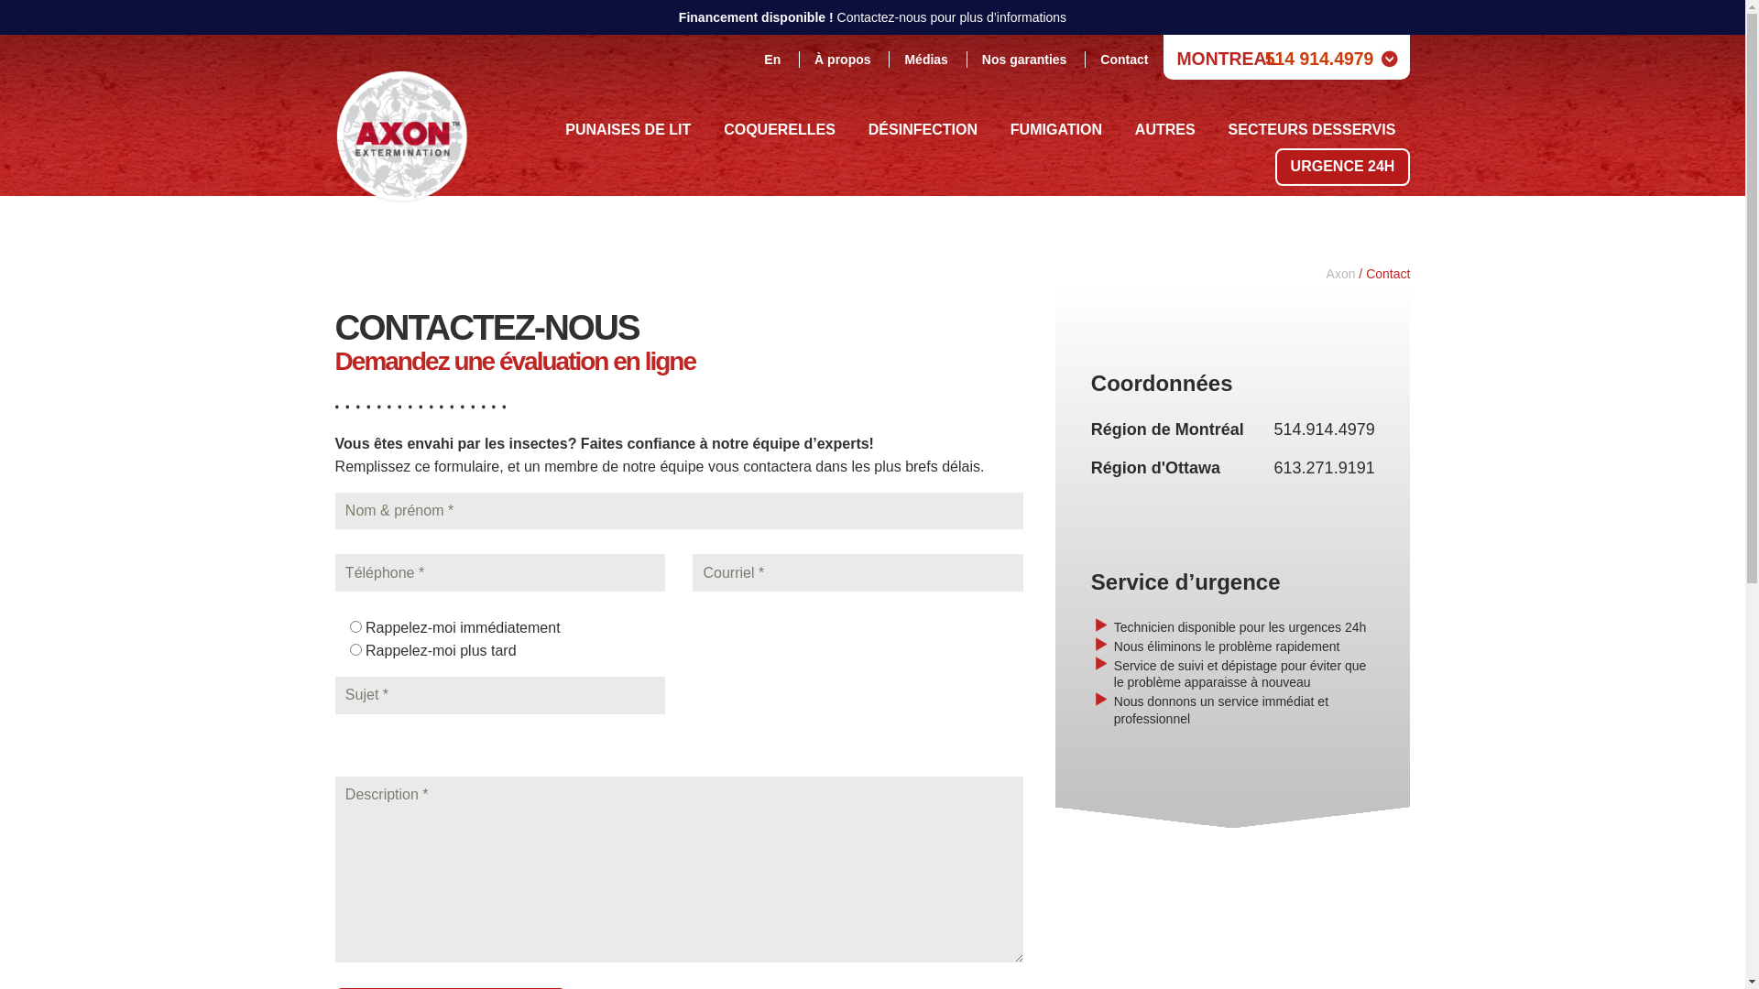 The height and width of the screenshot is (989, 1759). What do you see at coordinates (1341, 274) in the screenshot?
I see `'Axon'` at bounding box center [1341, 274].